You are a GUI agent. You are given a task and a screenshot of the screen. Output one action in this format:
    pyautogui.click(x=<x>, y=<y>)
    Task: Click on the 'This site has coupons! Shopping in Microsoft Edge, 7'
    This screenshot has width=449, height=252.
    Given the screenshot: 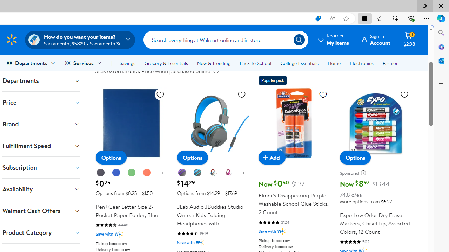 What is the action you would take?
    pyautogui.click(x=317, y=18)
    